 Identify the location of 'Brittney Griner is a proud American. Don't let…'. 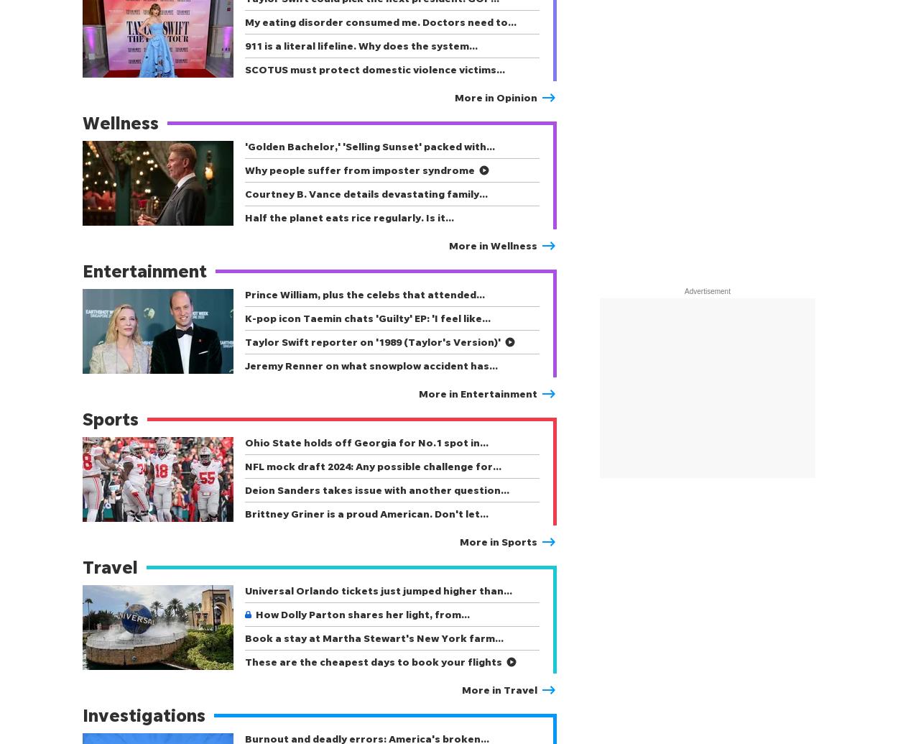
(366, 513).